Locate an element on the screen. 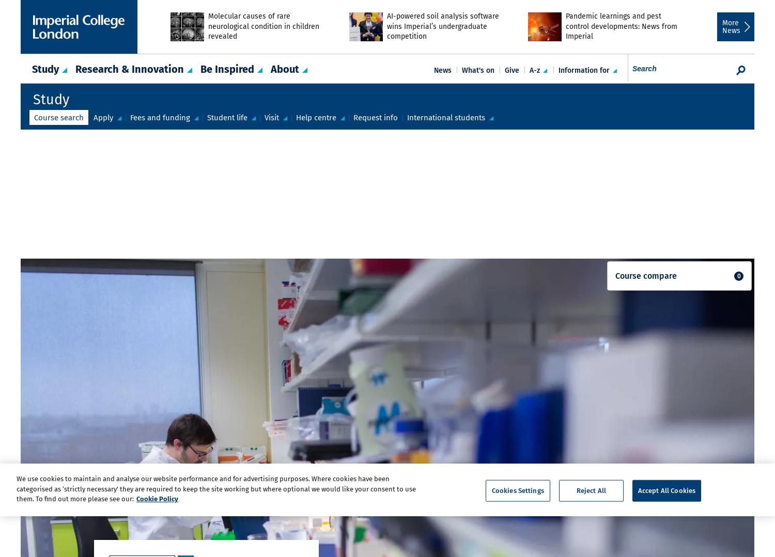 Image resolution: width=775 pixels, height=557 pixels. 'Course compare' is located at coordinates (615, 276).